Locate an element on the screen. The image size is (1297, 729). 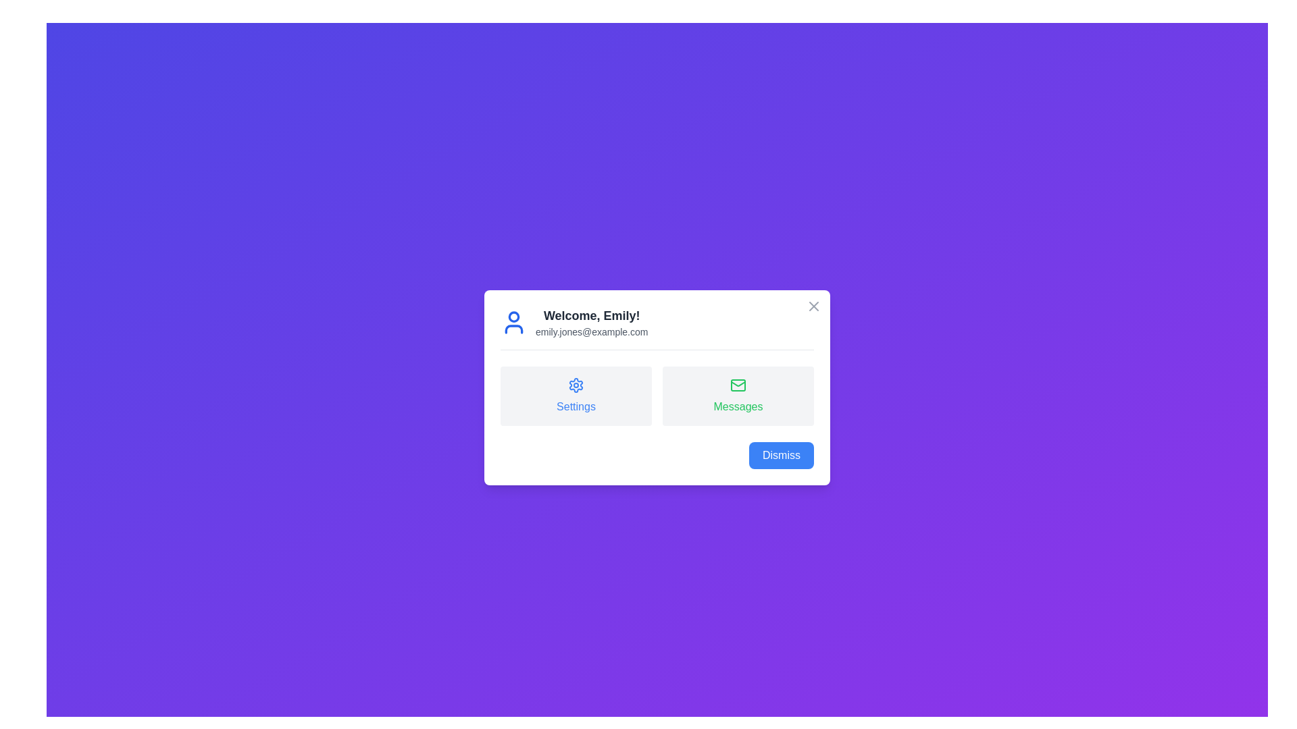
the settings icon located in the left area of the settings dialog box at the center of the page is located at coordinates (576, 385).